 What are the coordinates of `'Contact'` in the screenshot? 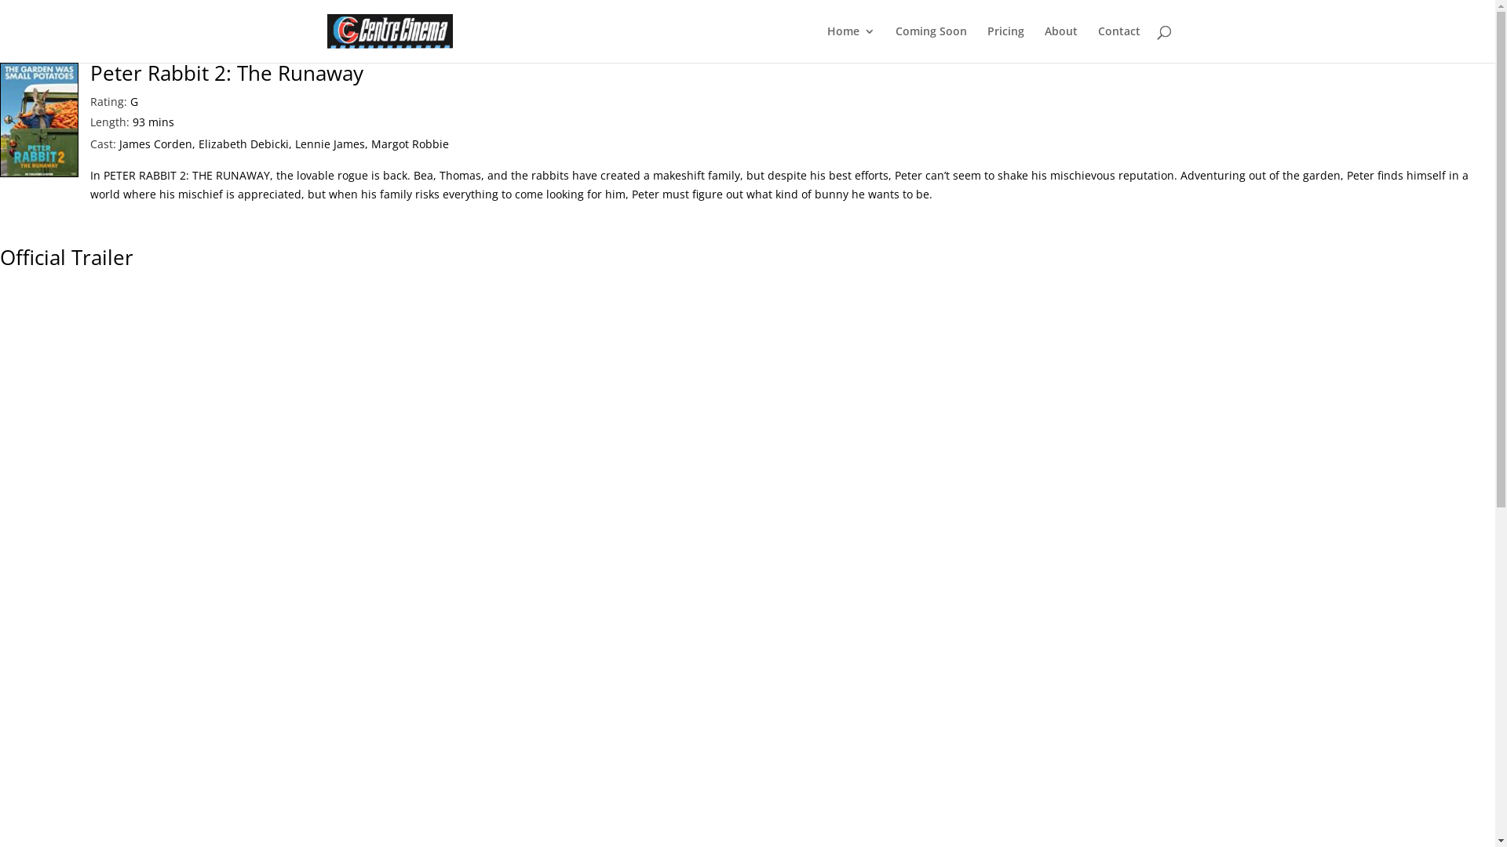 It's located at (1118, 43).